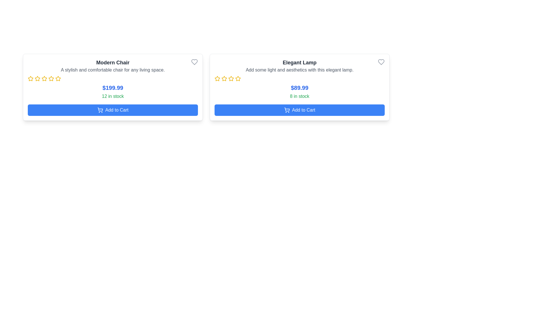 This screenshot has height=309, width=550. Describe the element at coordinates (217, 78) in the screenshot. I see `the leftmost star icon of the star rating component` at that location.